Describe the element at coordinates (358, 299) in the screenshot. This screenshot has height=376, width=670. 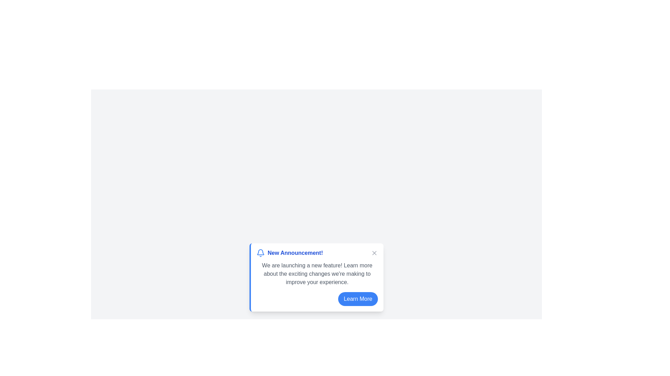
I see `the 'Learn More' button to proceed` at that location.